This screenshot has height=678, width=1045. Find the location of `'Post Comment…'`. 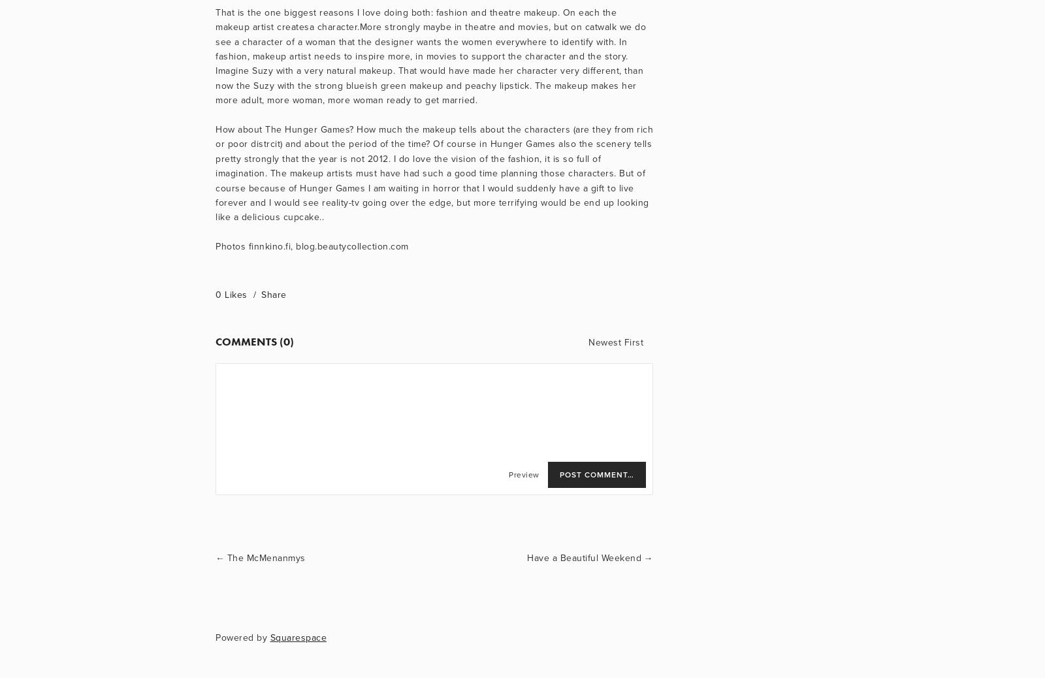

'Post Comment…' is located at coordinates (596, 474).